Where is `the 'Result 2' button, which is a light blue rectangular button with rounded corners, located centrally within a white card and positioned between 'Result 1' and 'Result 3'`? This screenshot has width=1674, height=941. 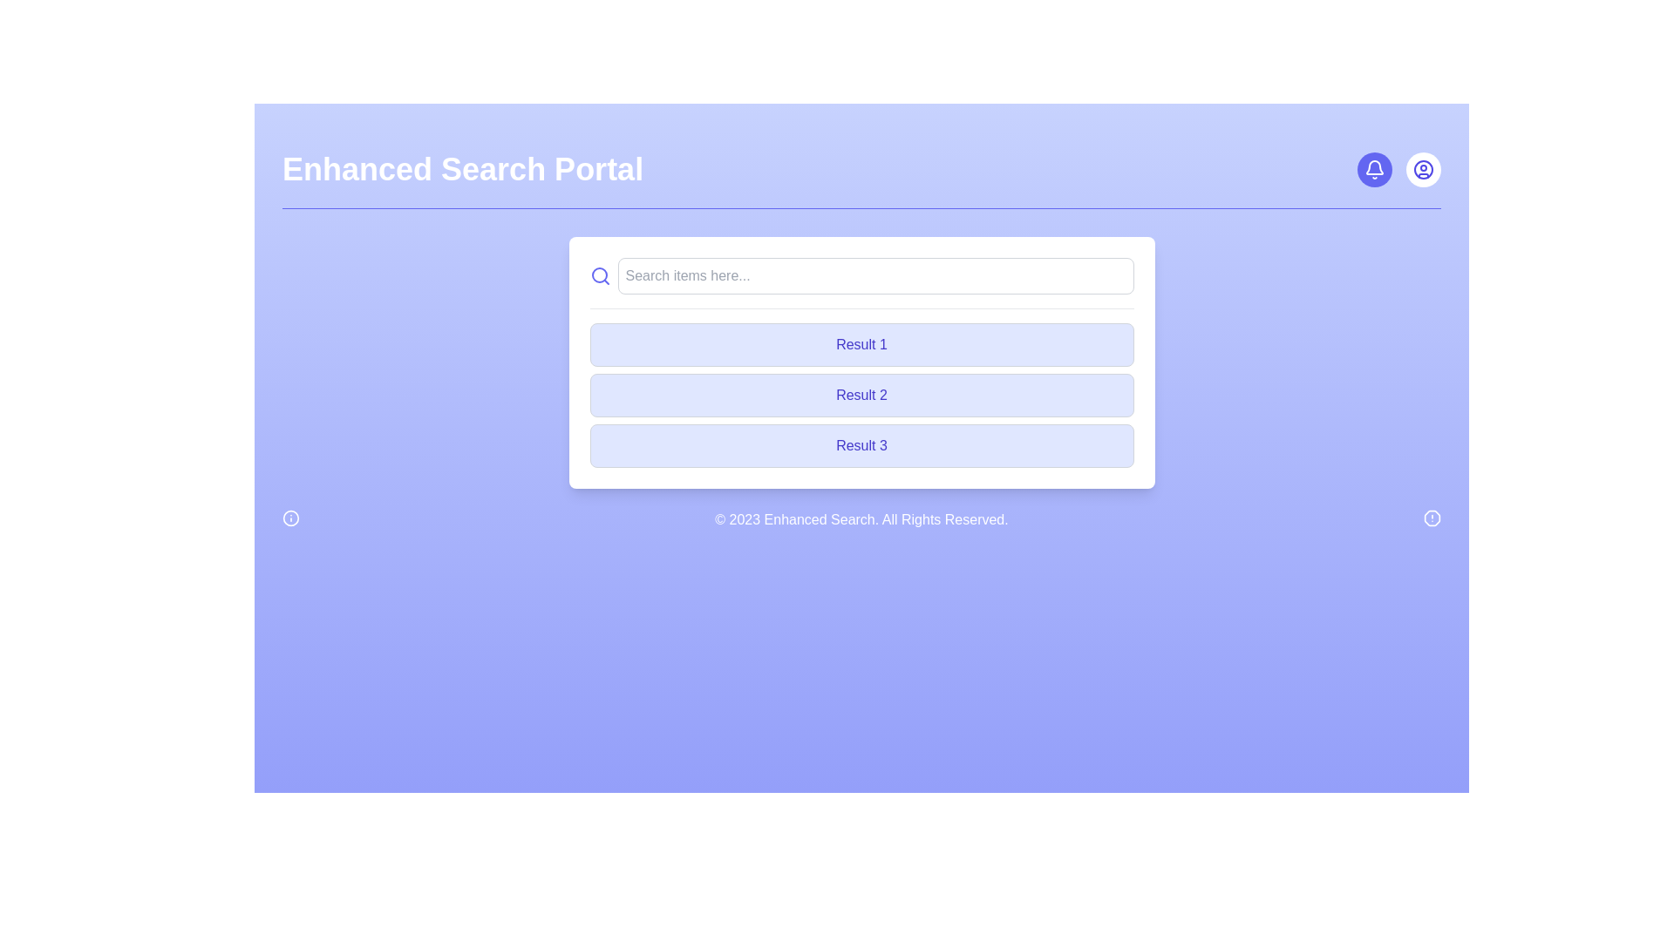
the 'Result 2' button, which is a light blue rectangular button with rounded corners, located centrally within a white card and positioned between 'Result 1' and 'Result 3' is located at coordinates (861, 396).